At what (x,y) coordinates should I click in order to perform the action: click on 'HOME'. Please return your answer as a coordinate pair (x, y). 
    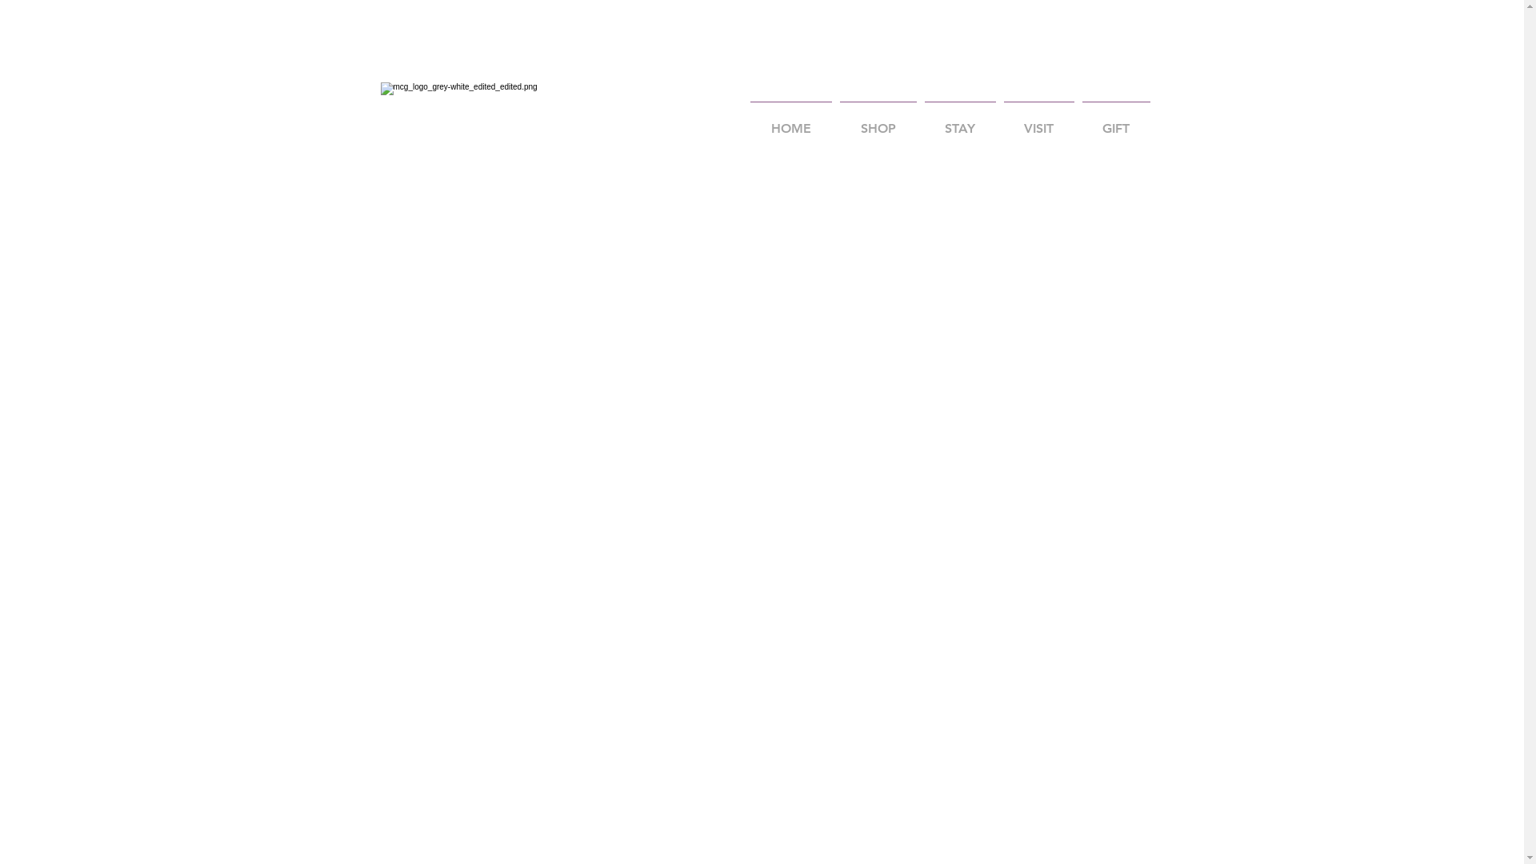
    Looking at the image, I should click on (790, 120).